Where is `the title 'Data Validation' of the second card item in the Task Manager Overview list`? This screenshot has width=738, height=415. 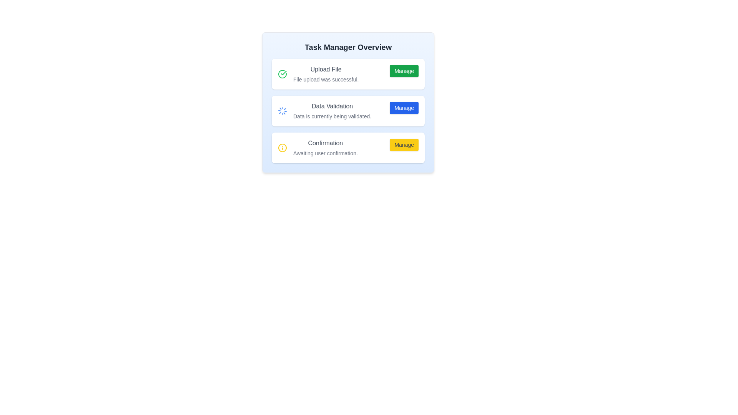
the title 'Data Validation' of the second card item in the Task Manager Overview list is located at coordinates (348, 111).